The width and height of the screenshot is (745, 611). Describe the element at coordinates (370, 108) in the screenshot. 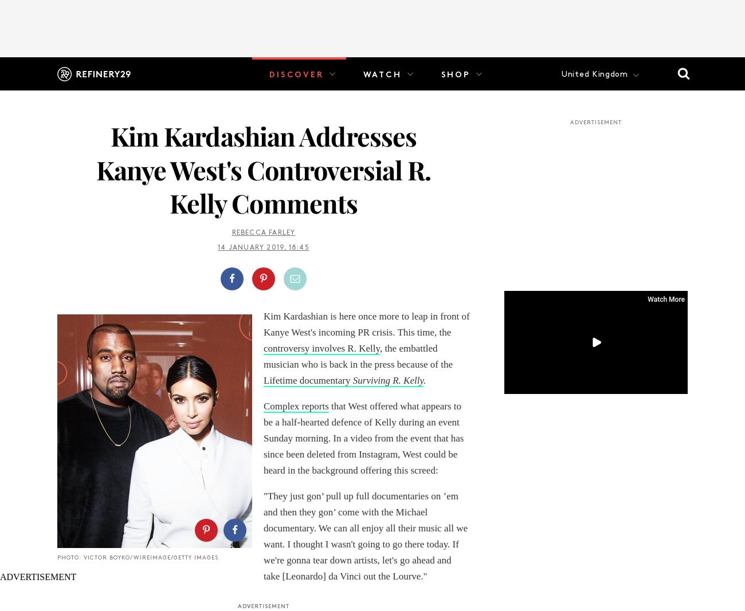

I see `'+More'` at that location.